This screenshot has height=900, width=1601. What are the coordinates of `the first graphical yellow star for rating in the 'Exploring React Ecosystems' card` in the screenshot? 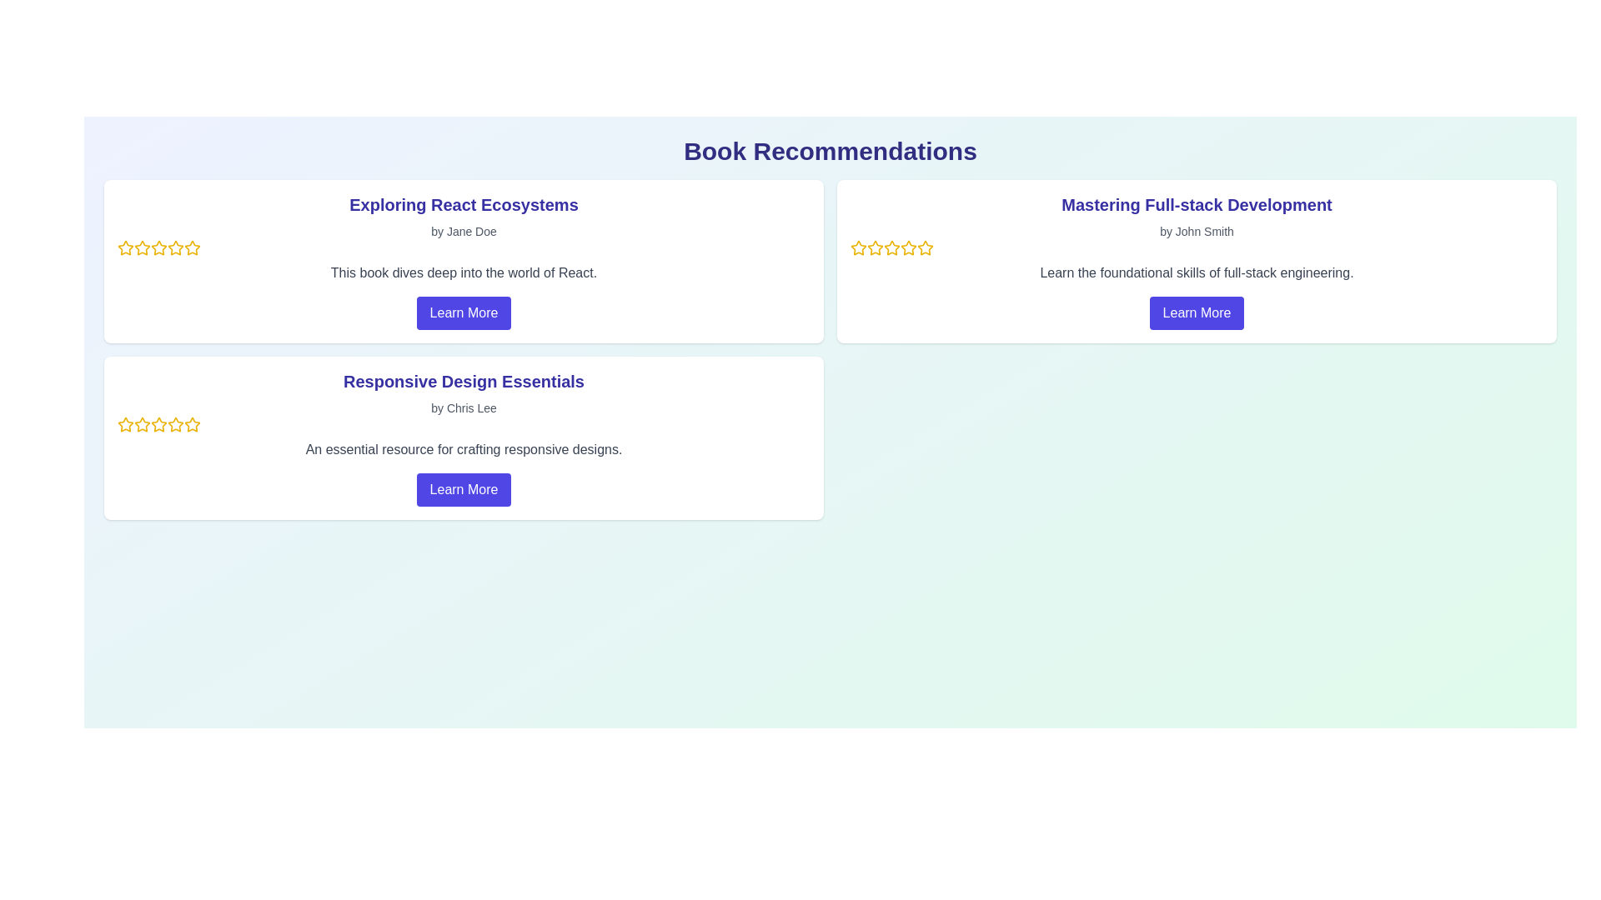 It's located at (143, 247).